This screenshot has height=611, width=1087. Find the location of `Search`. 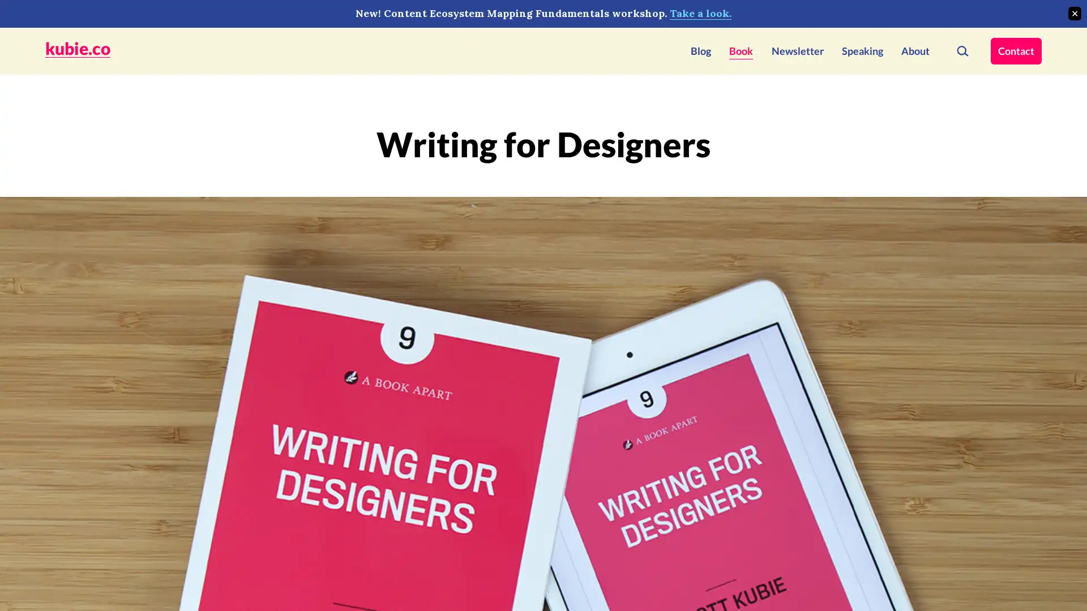

Search is located at coordinates (961, 50).